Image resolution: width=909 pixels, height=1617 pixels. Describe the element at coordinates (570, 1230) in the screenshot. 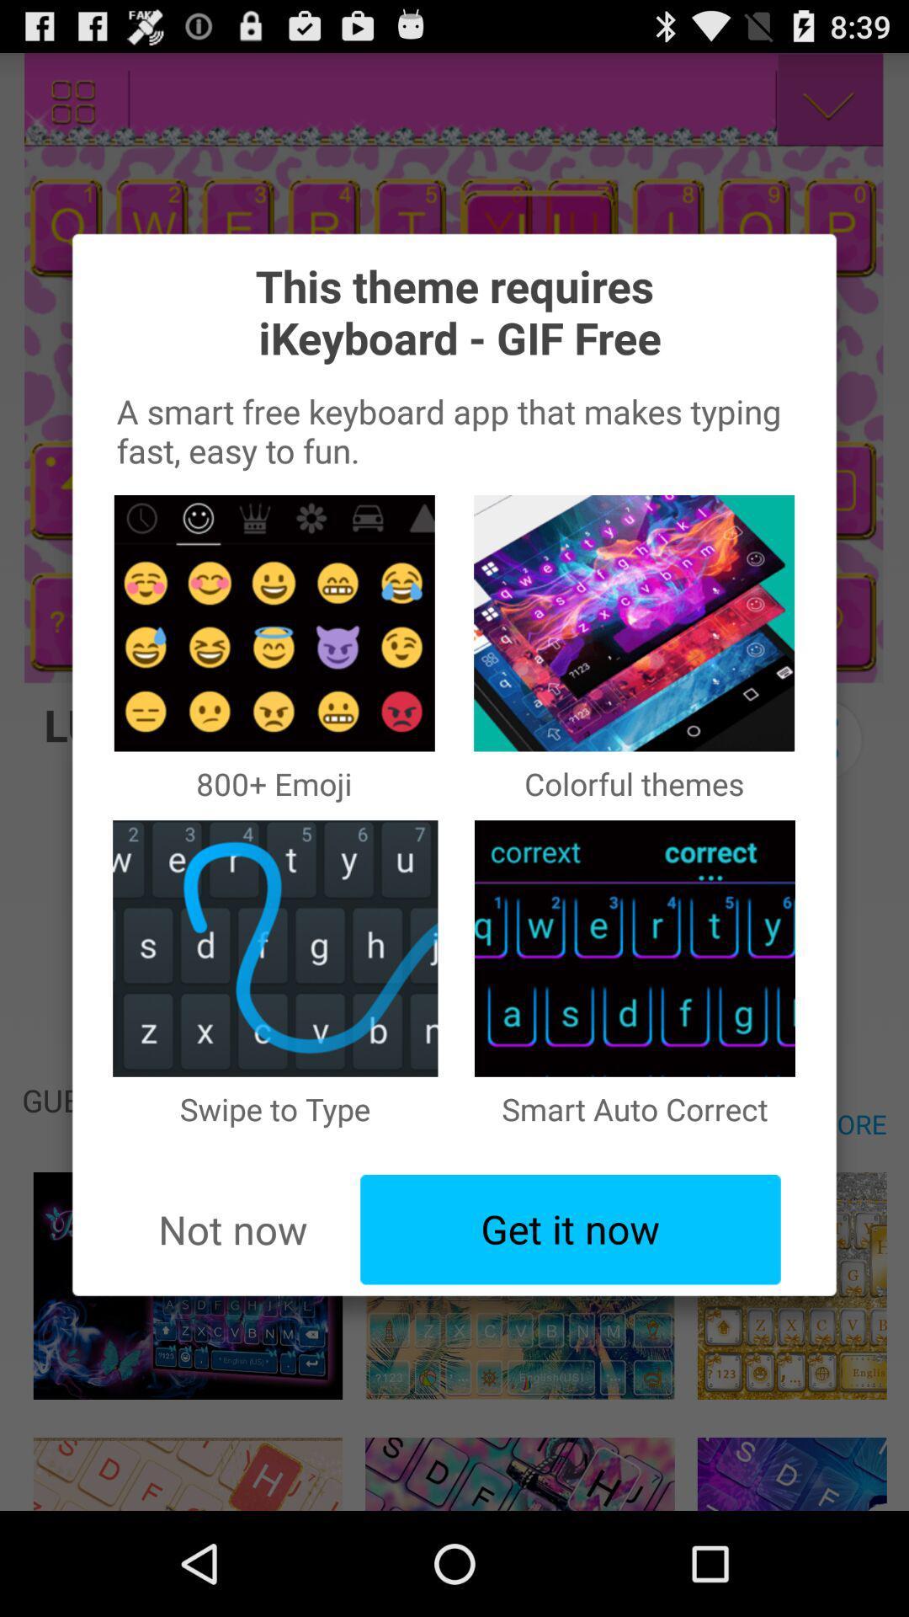

I see `get it now` at that location.